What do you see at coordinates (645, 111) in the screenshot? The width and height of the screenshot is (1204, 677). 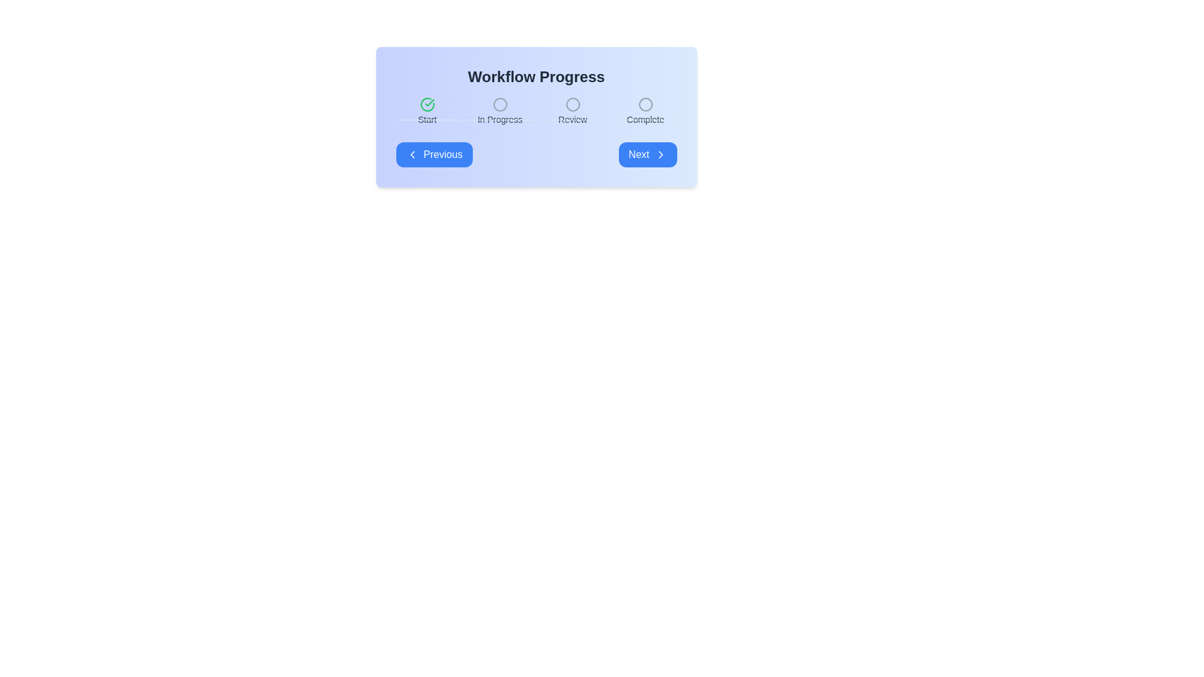 I see `the 'Complete' label with a circular outline icon, which is the fourth step in the 'Workflow Progress' list` at bounding box center [645, 111].